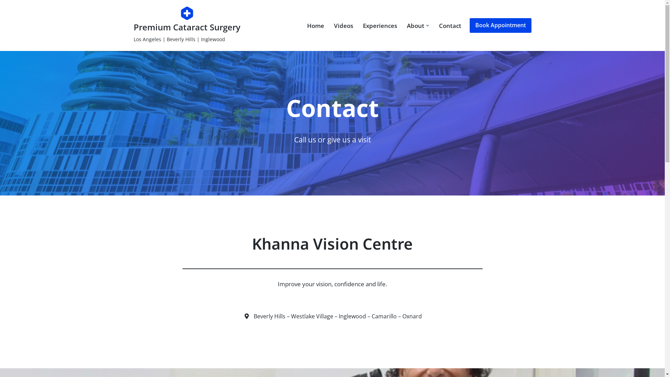  What do you see at coordinates (500, 25) in the screenshot?
I see `'Book Appointment'` at bounding box center [500, 25].